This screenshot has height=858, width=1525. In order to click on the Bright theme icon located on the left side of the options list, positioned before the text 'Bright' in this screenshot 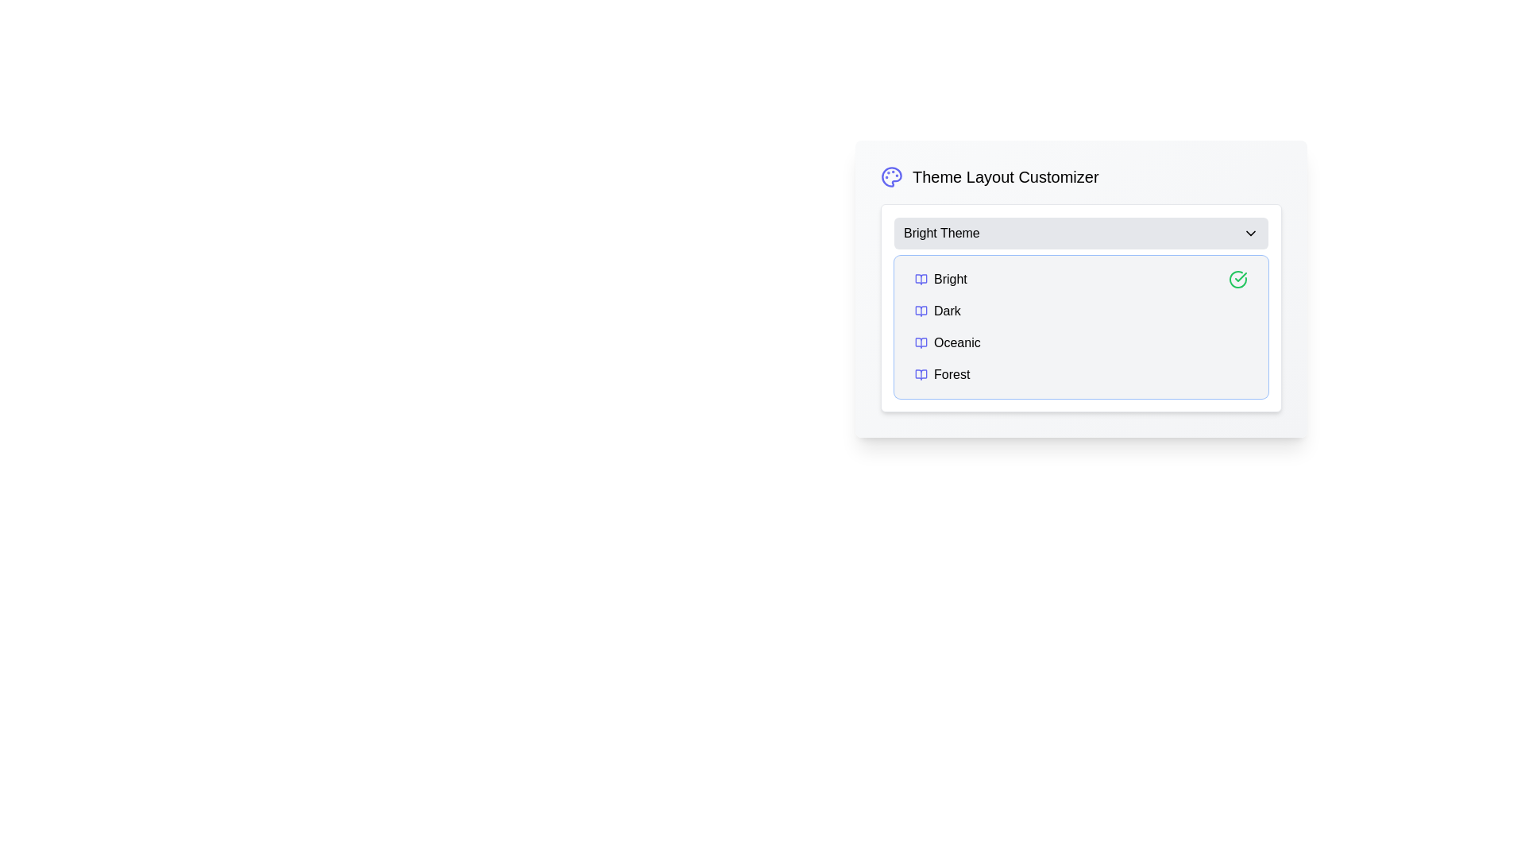, I will do `click(921, 278)`.